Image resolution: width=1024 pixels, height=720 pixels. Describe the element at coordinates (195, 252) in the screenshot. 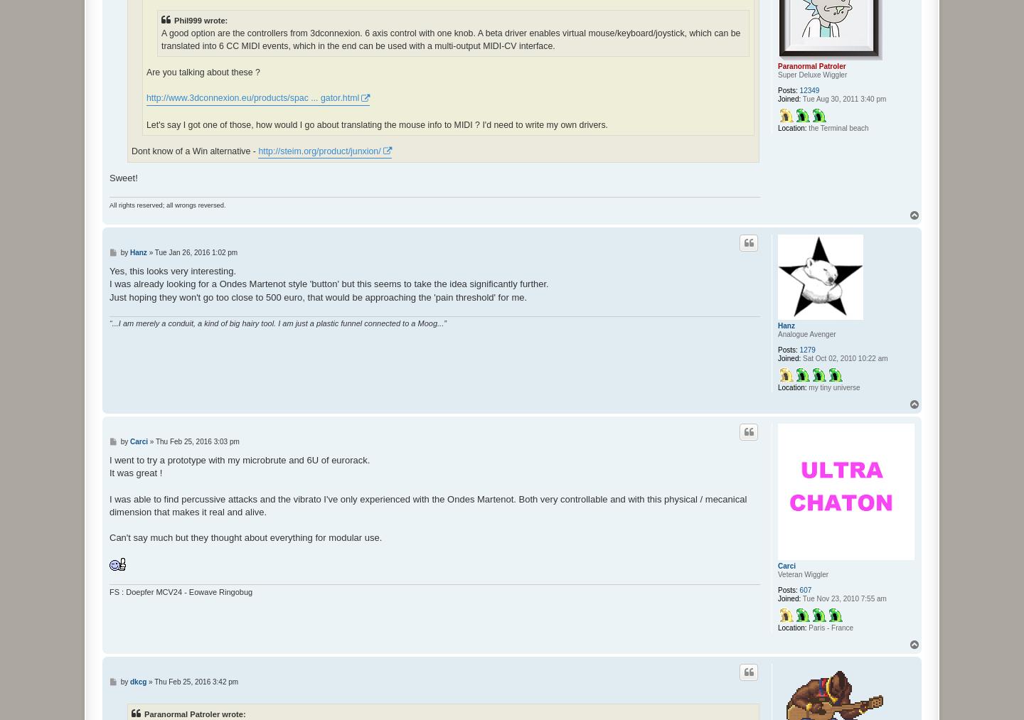

I see `'Tue Jan 26, 2016 1:02 pm'` at that location.